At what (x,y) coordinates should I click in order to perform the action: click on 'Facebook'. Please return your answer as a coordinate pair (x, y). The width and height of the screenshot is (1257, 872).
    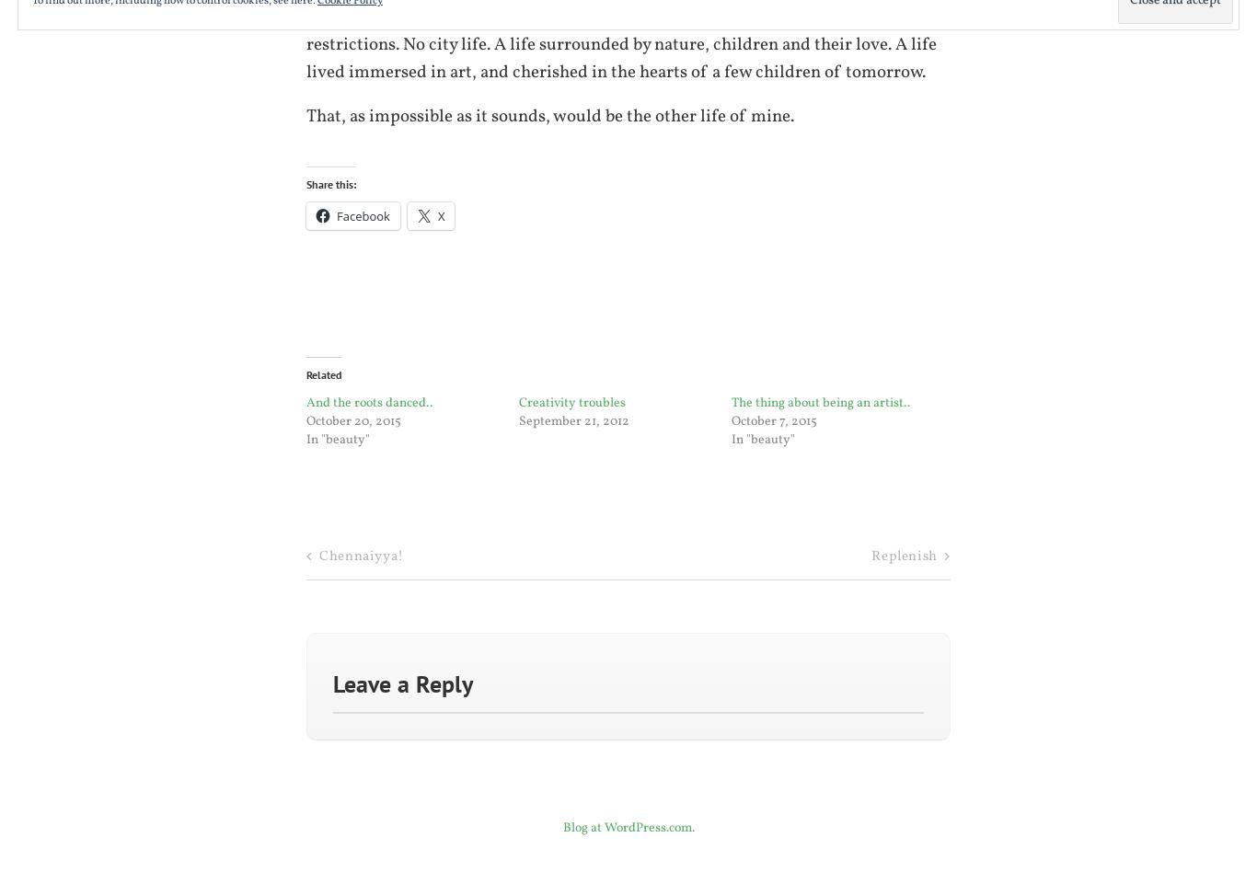
    Looking at the image, I should click on (362, 213).